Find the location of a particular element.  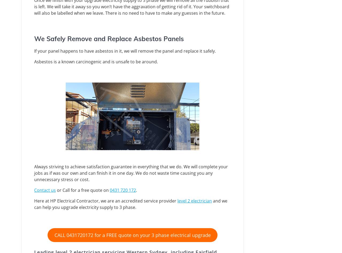

'Asbestos is a known carcinogenic and is unsafe to be around.' is located at coordinates (96, 61).